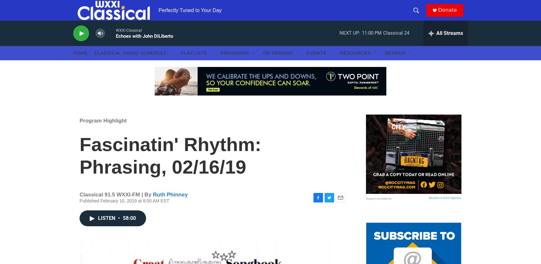 This screenshot has height=264, width=541. I want to click on 'Playlists', so click(180, 65).